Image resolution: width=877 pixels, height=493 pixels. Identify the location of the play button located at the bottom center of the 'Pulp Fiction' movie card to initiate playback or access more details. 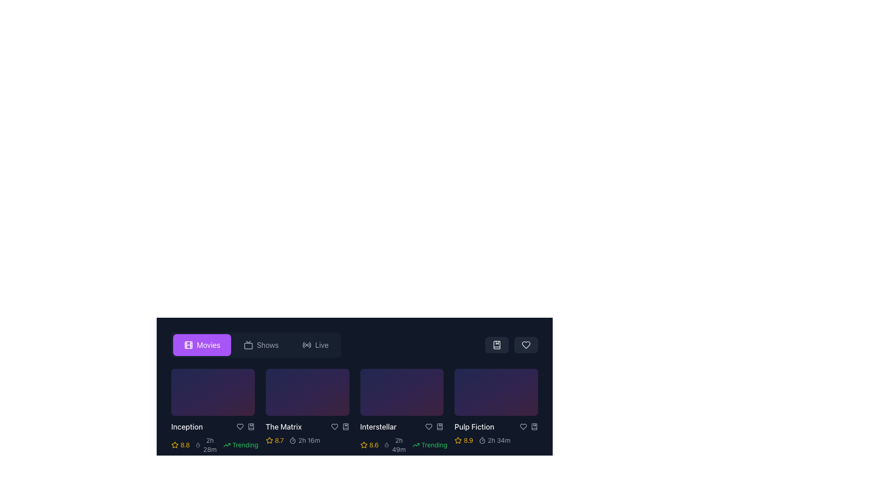
(496, 411).